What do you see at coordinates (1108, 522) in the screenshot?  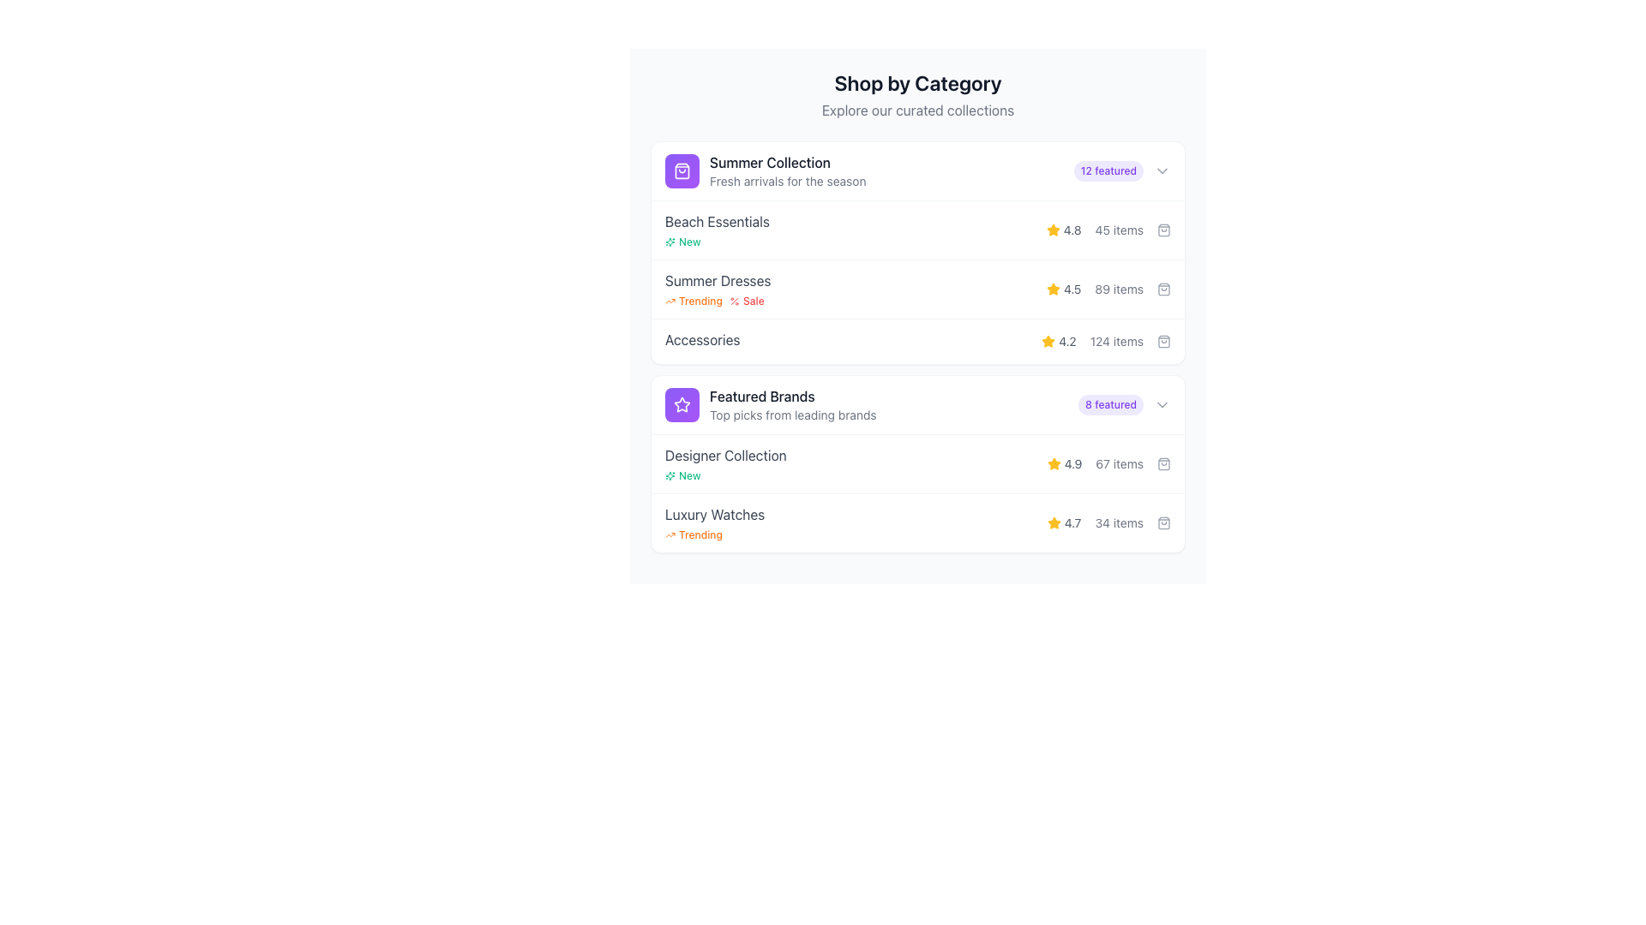 I see `the rating of 4.7 stars and the item count of 34, displayed with an orange and yellow star icon and a shopping bag icon, located on the right side of the 'Luxury Watches' section` at bounding box center [1108, 522].